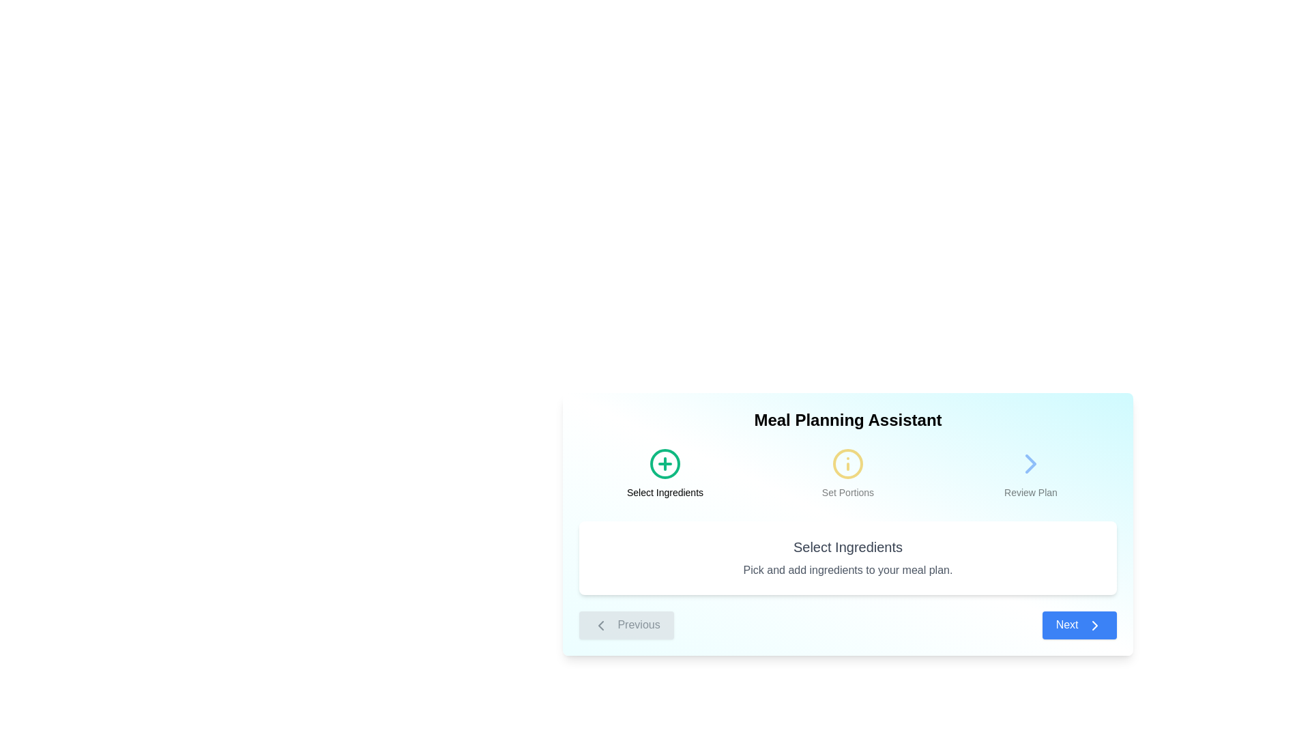 The height and width of the screenshot is (737, 1310). Describe the element at coordinates (847, 570) in the screenshot. I see `the text element that reads 'Pick and add ingredients to your meal plan.' which is styled in light gray and positioned below 'Select Ingredients'` at that location.